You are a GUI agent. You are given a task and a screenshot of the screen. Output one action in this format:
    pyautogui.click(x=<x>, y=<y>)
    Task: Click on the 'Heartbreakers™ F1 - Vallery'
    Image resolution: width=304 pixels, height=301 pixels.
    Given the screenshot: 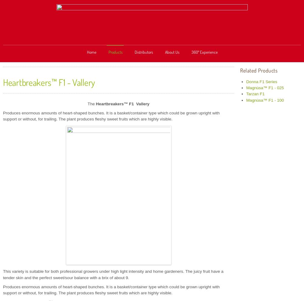 What is the action you would take?
    pyautogui.click(x=49, y=82)
    